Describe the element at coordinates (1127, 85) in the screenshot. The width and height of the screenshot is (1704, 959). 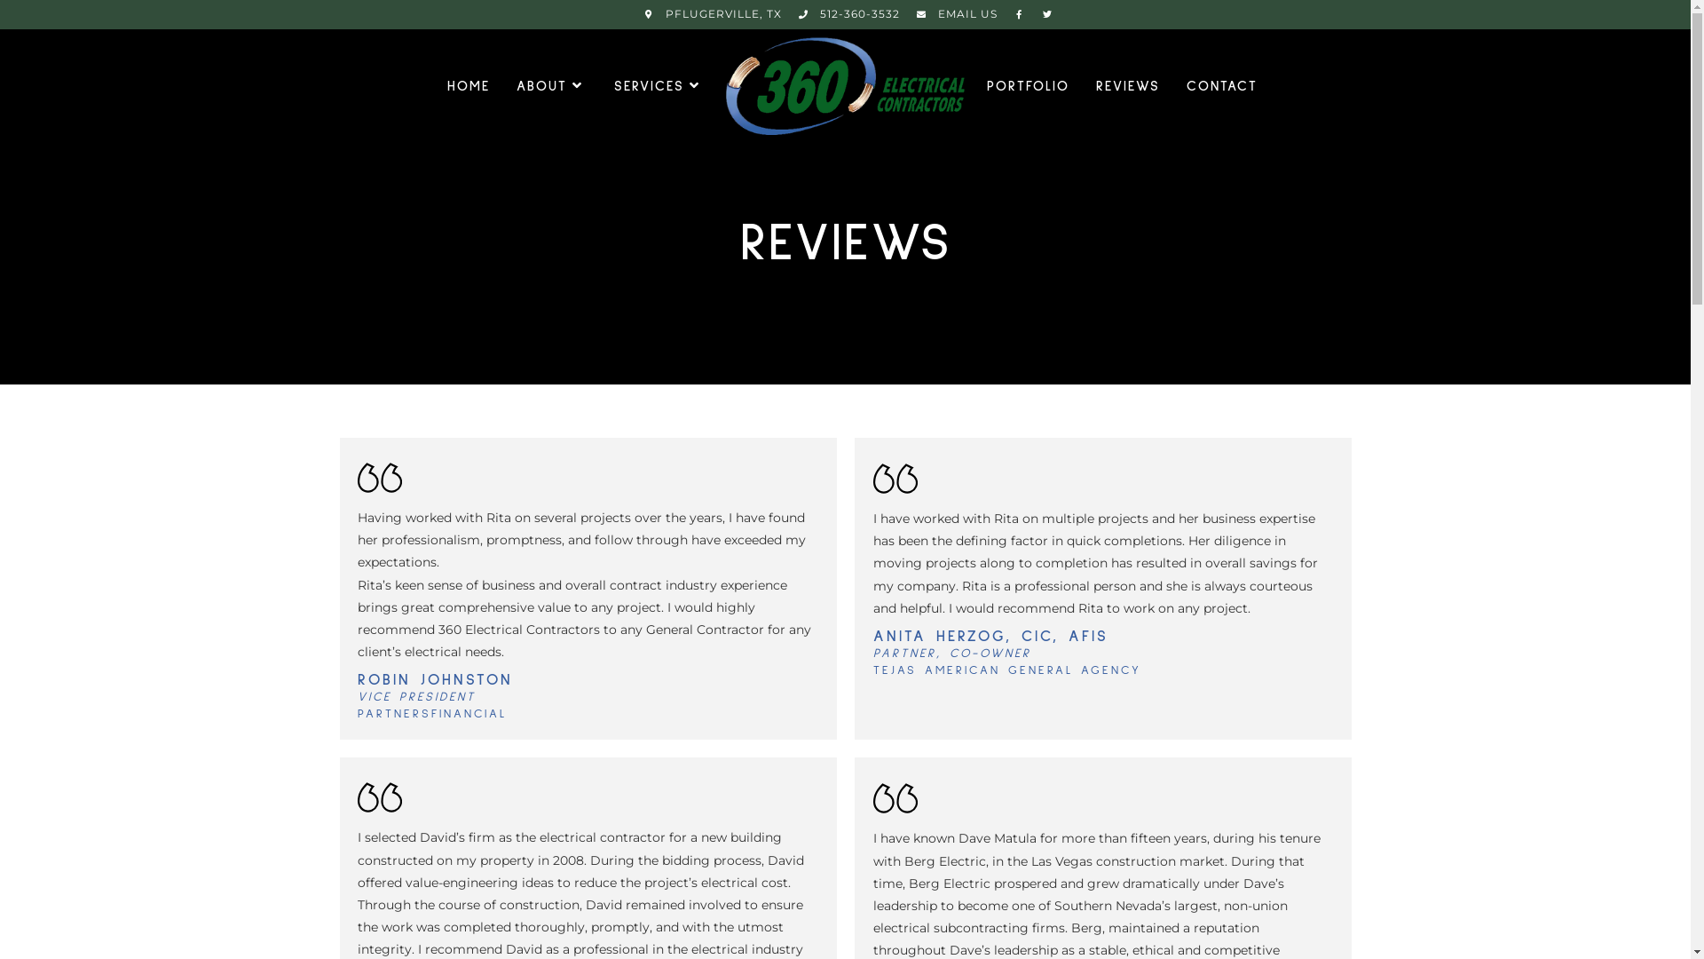
I see `'REVIEWS'` at that location.